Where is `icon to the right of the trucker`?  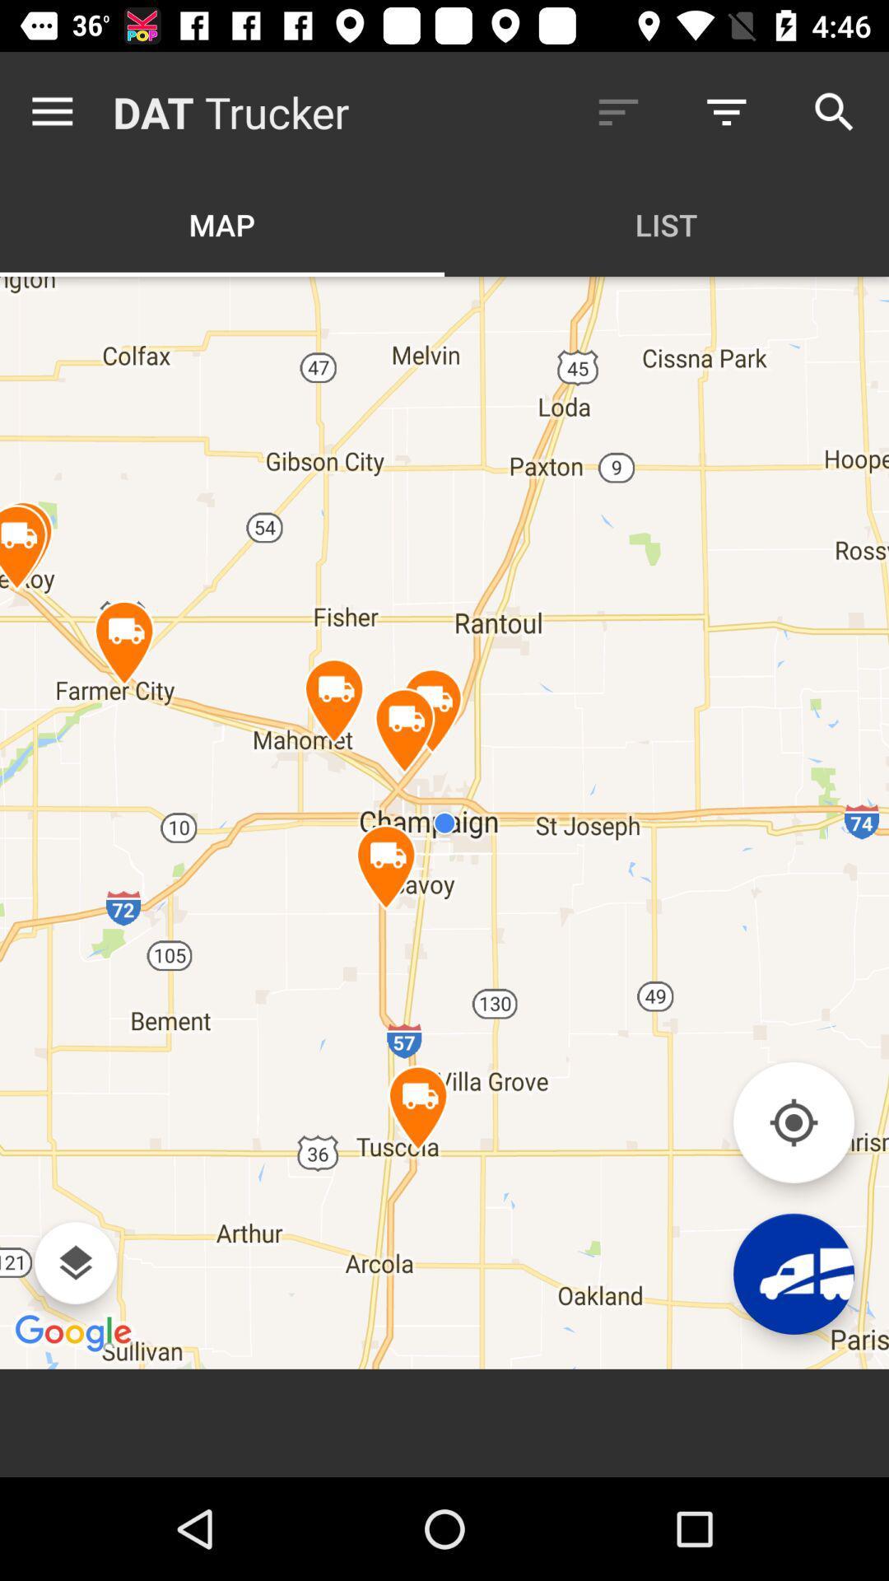
icon to the right of the trucker is located at coordinates (618, 111).